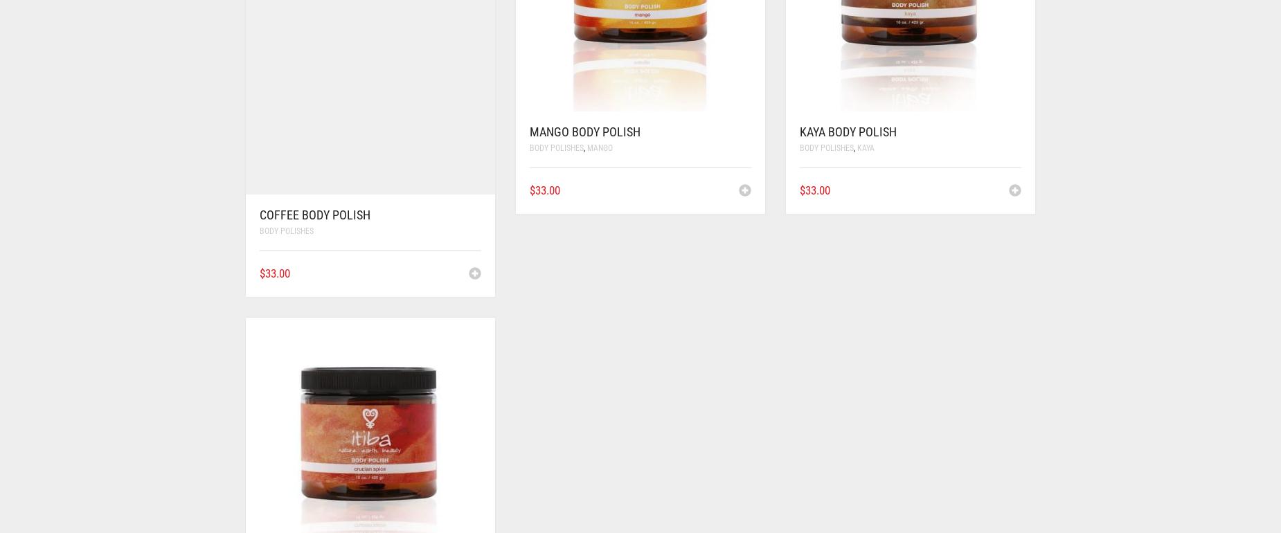  I want to click on 'View Product', so click(735, 258).